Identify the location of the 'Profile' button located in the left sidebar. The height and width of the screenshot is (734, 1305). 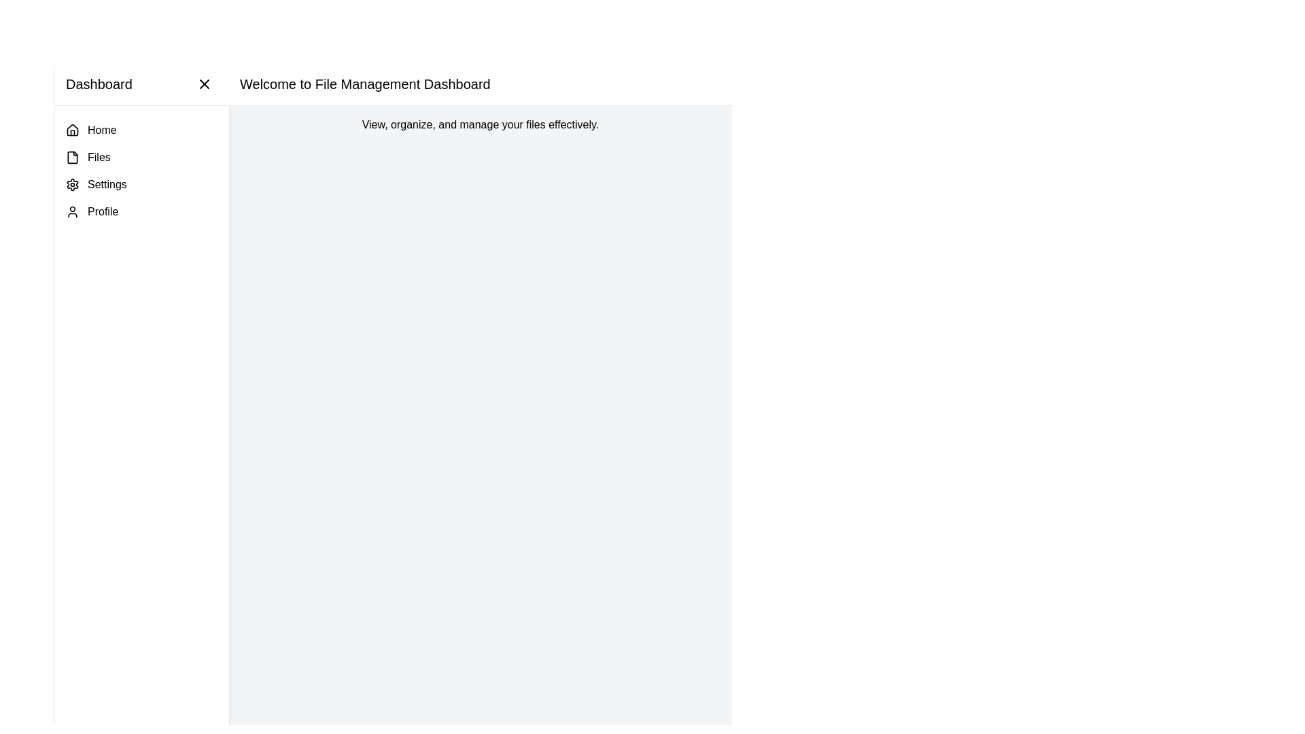
(142, 212).